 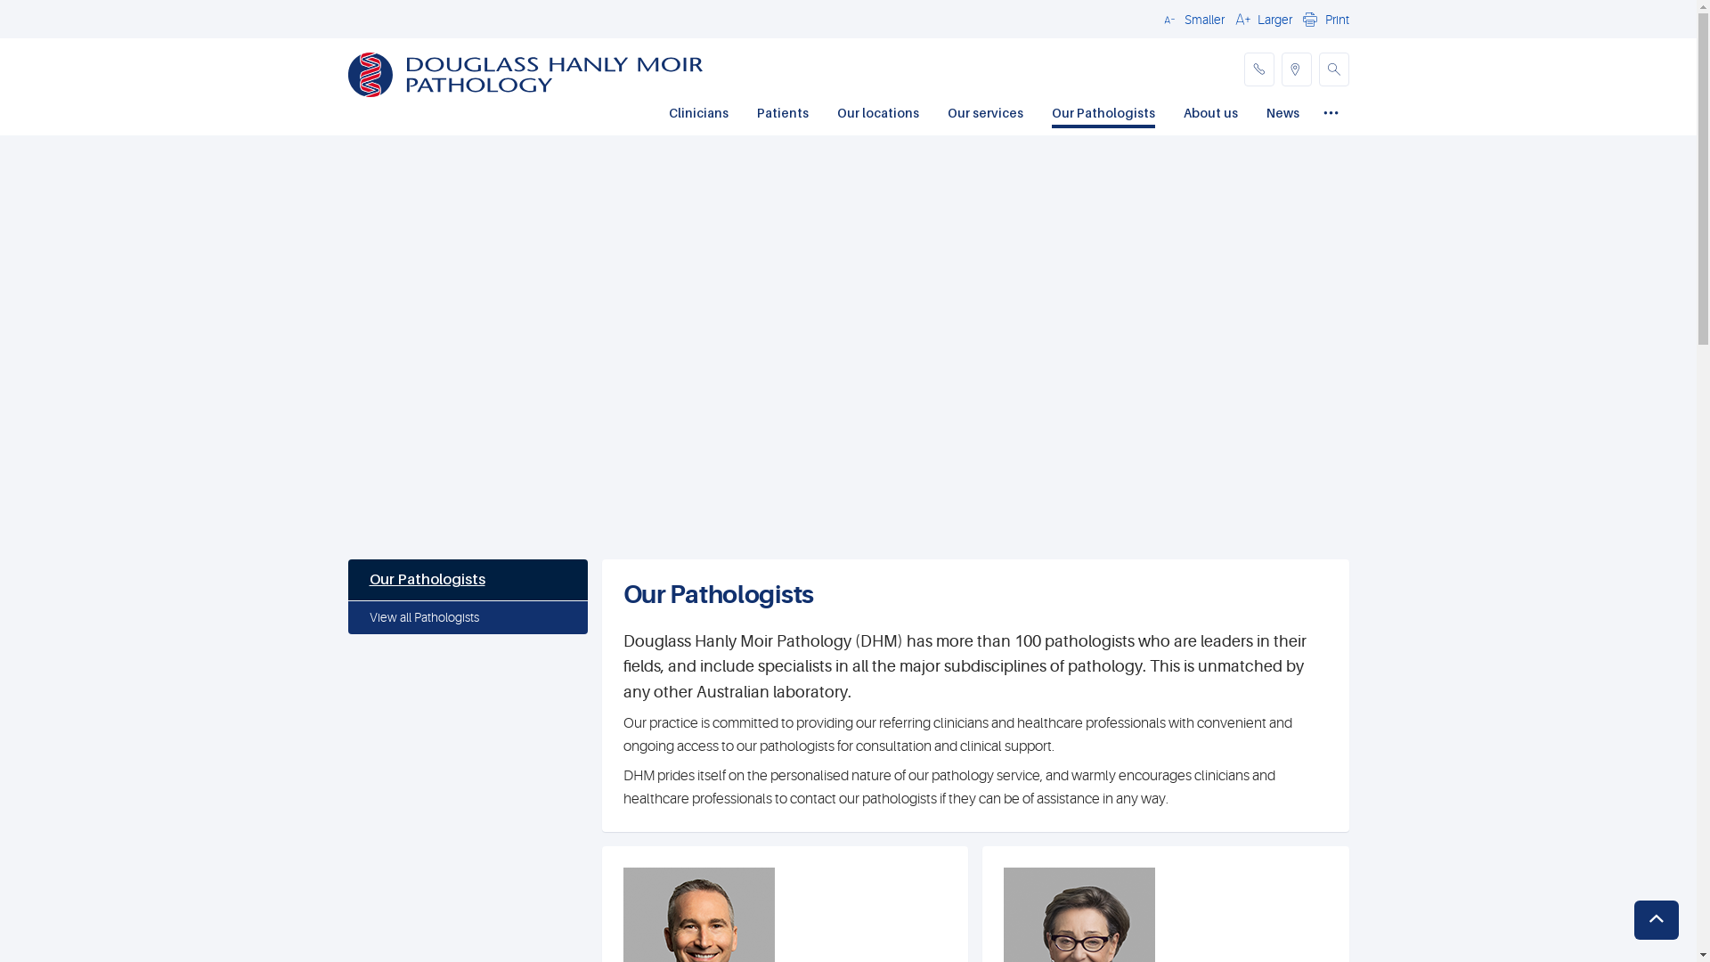 What do you see at coordinates (984, 114) in the screenshot?
I see `'Our services'` at bounding box center [984, 114].